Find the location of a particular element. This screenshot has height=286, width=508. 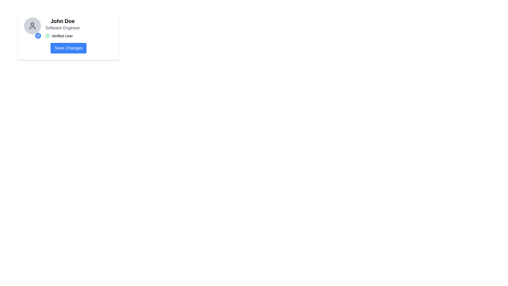

the Text Label that indicates the name of the user or profile displayed in the card, located at the top-left section above the 'Software Engineer' subtitle is located at coordinates (62, 21).